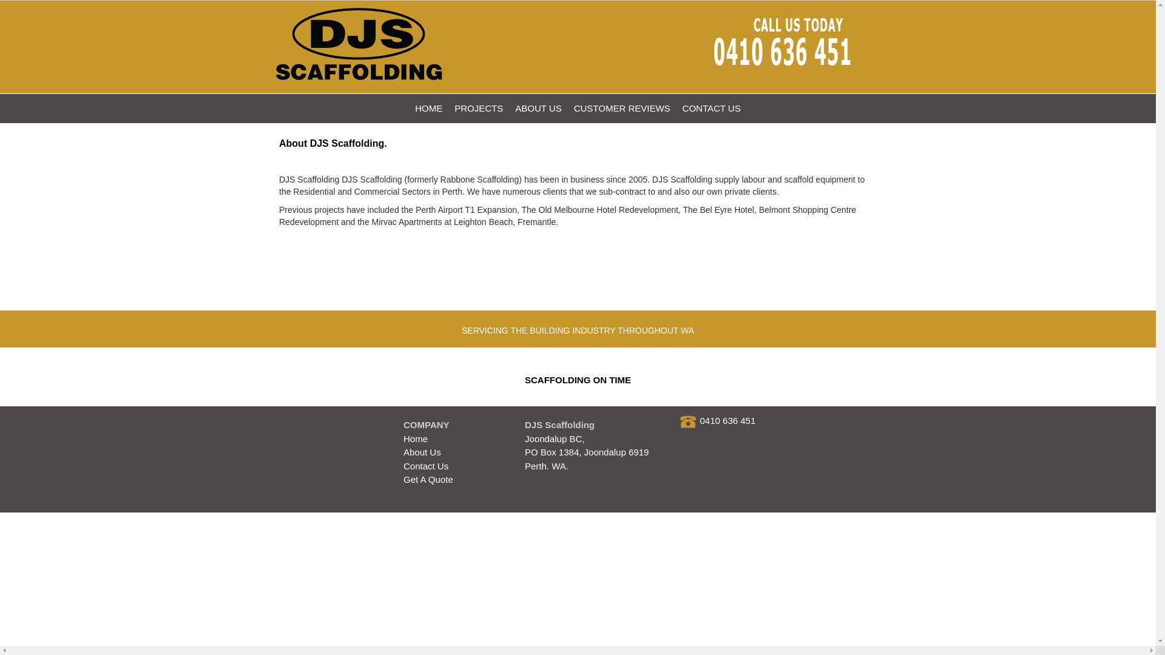 The width and height of the screenshot is (1165, 655). Describe the element at coordinates (416, 438) in the screenshot. I see `'Home'` at that location.